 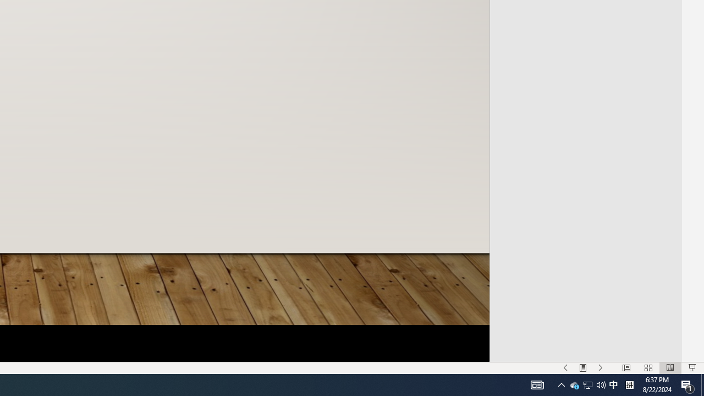 What do you see at coordinates (670, 368) in the screenshot?
I see `'Reading View'` at bounding box center [670, 368].